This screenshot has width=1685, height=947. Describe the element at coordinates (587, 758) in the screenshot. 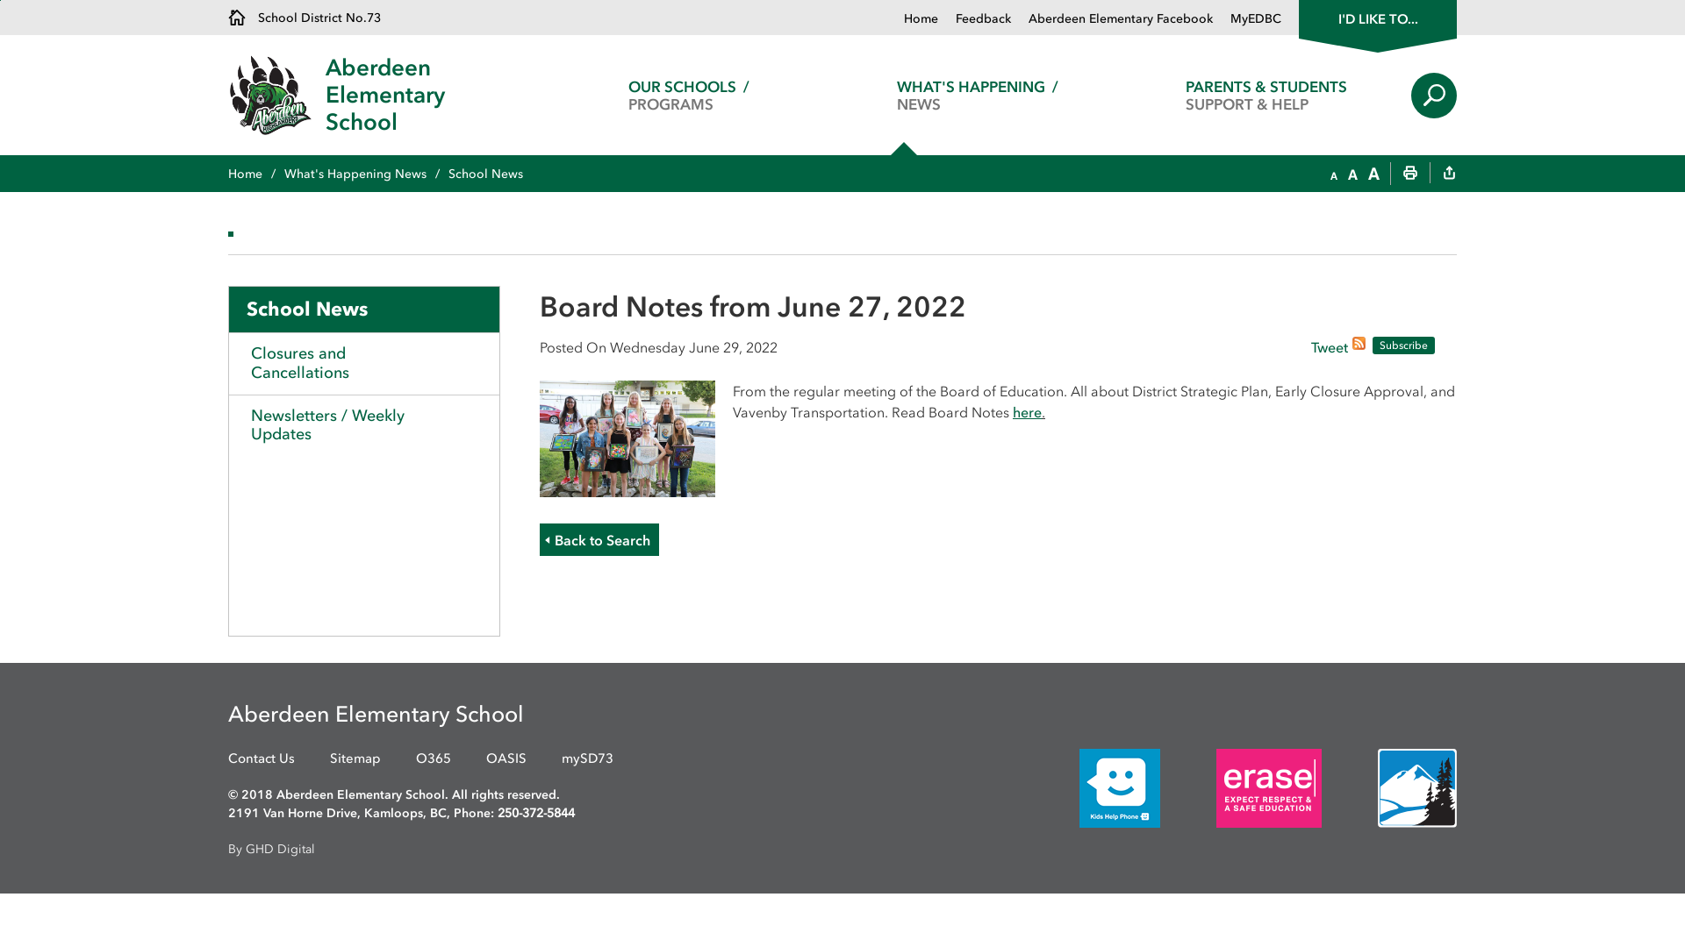

I see `'mySD73'` at that location.